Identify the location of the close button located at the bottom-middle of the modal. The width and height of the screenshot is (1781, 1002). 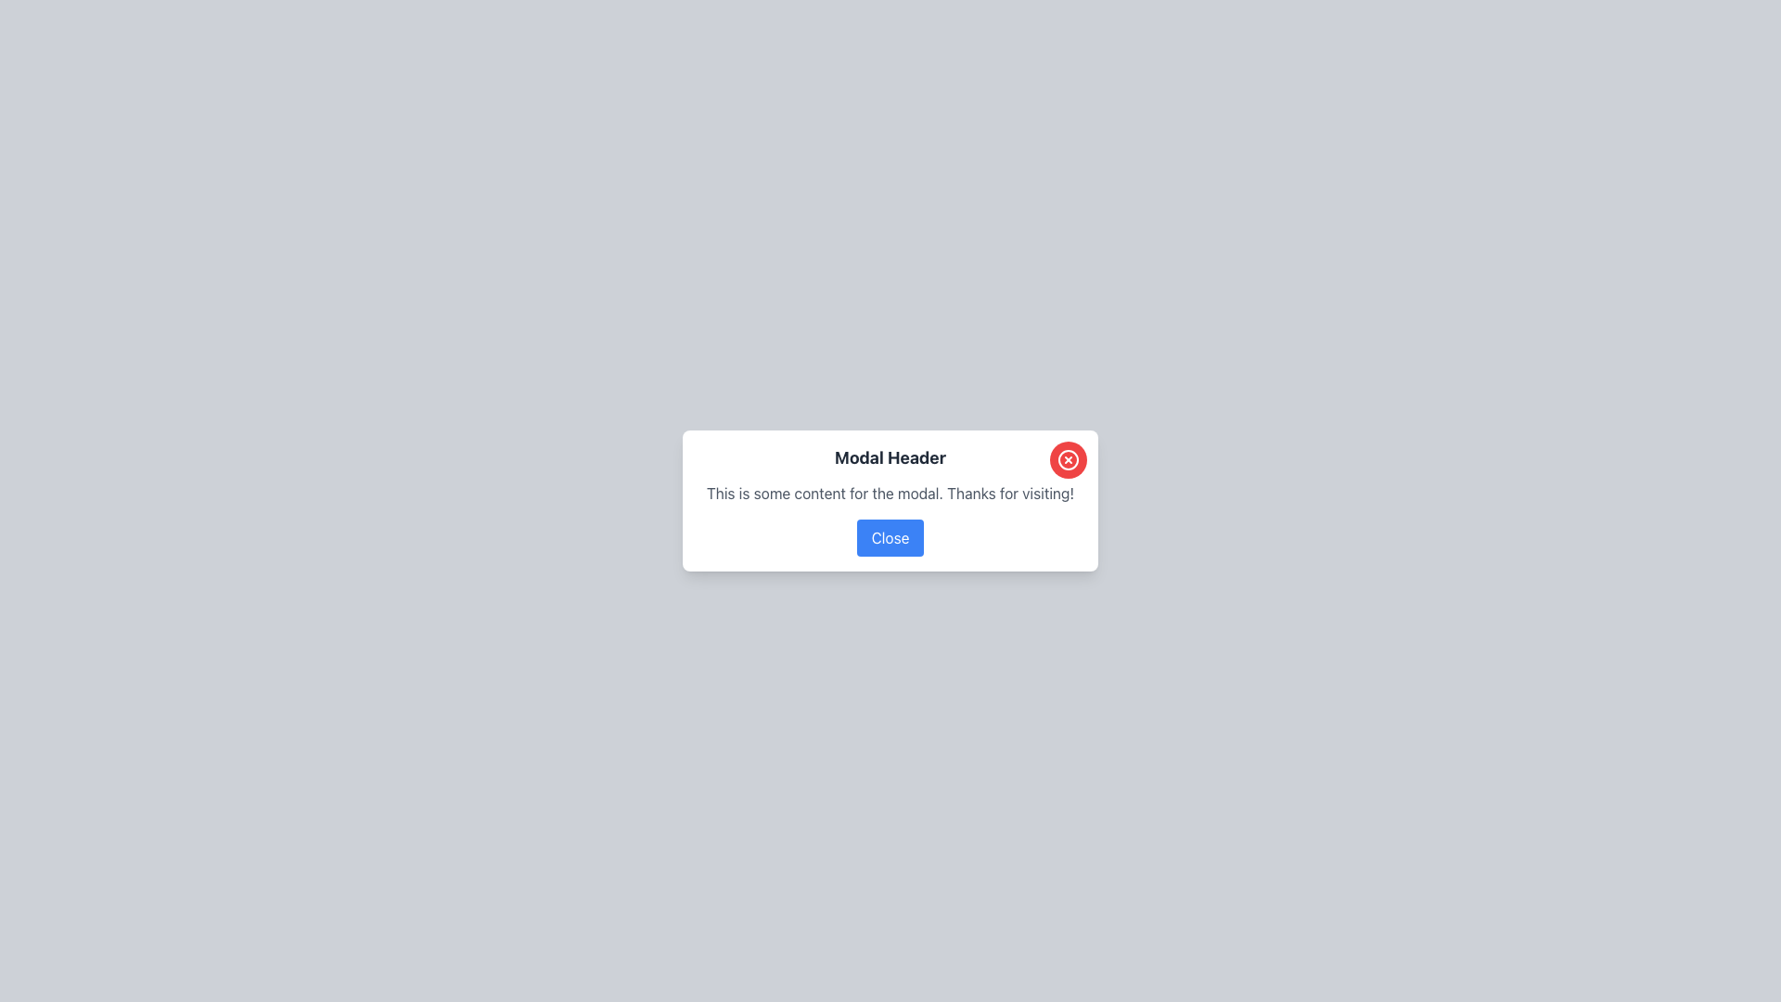
(890, 537).